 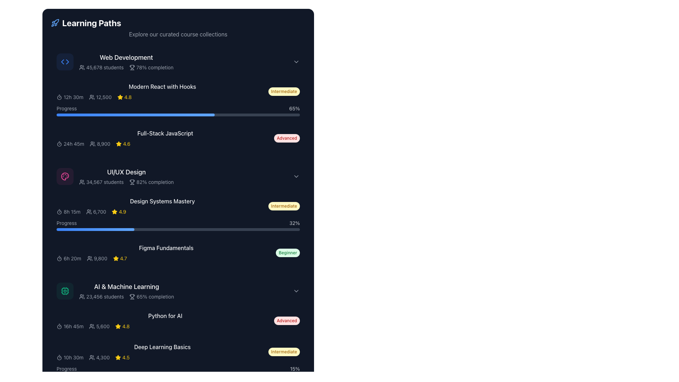 What do you see at coordinates (118, 326) in the screenshot?
I see `the star icon that visually communicates the rating of '4.8' for the 'Python for AI' course under 'AI & Machine Learning'` at bounding box center [118, 326].